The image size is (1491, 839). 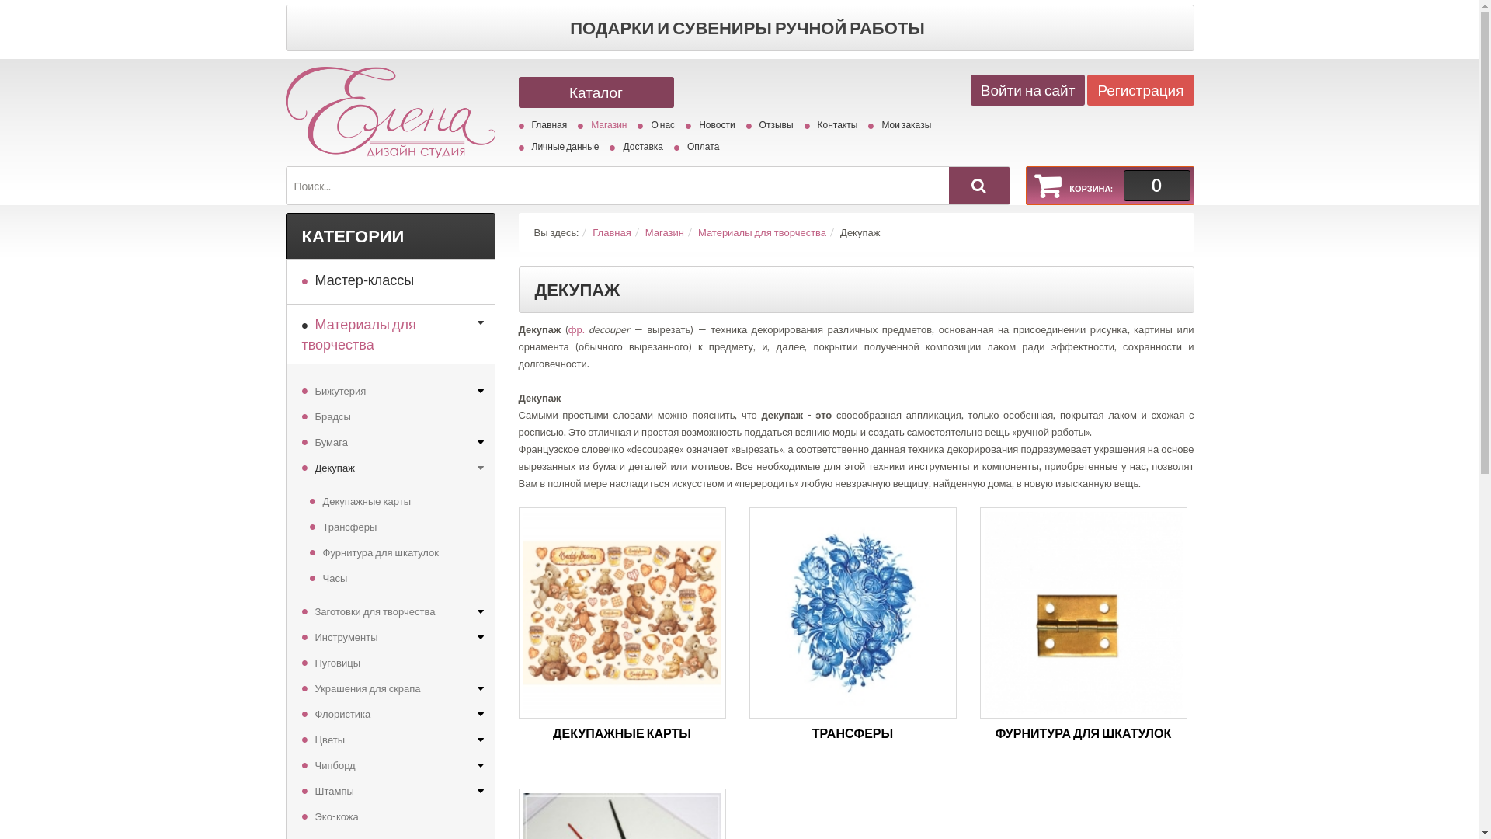 What do you see at coordinates (1156, 185) in the screenshot?
I see `'0'` at bounding box center [1156, 185].